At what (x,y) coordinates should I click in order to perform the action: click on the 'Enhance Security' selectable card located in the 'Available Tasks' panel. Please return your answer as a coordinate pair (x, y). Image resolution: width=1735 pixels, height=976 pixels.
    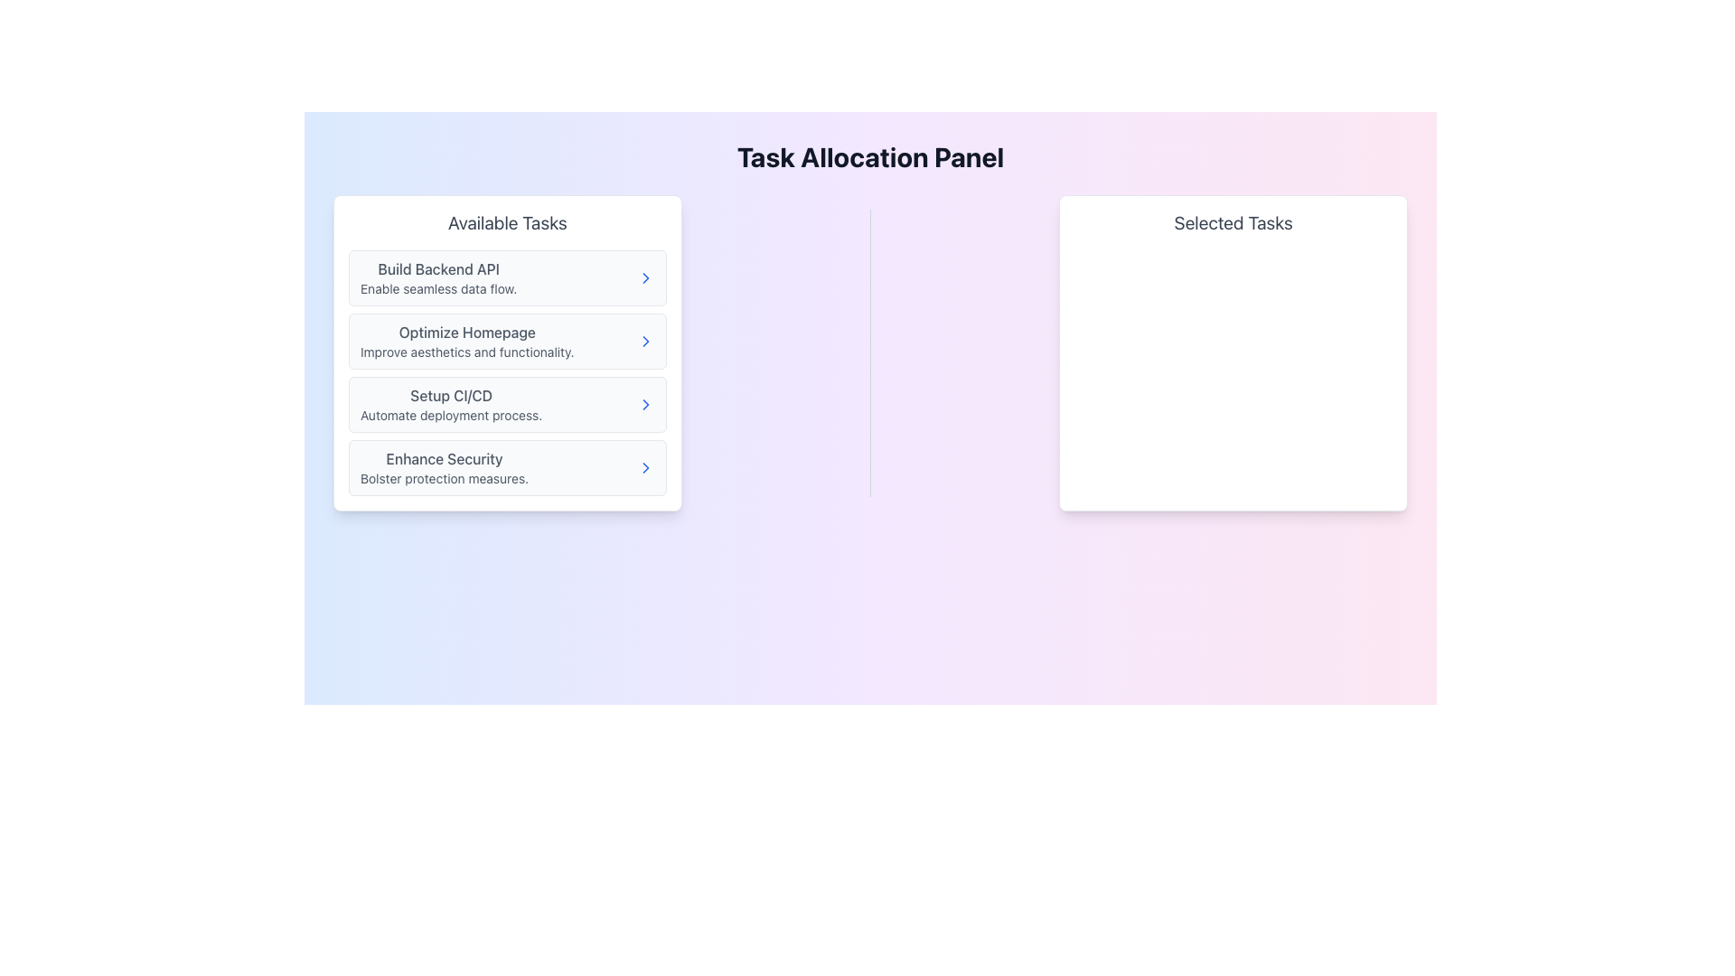
    Looking at the image, I should click on (506, 466).